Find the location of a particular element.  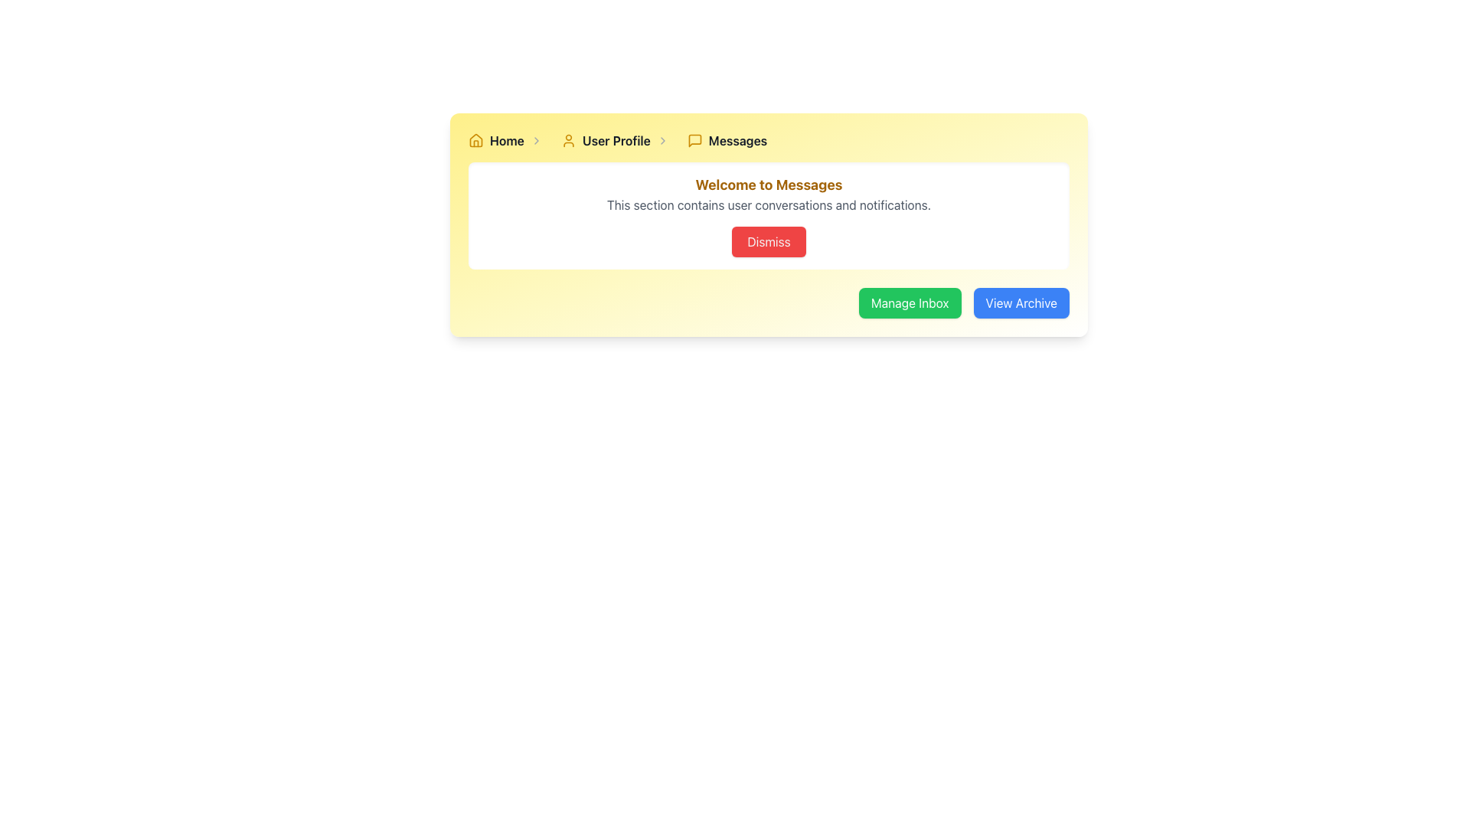

the 'User Profile' text link, which is styled with a gray font and highlighted in yellow when hovered over, located centrally within the navigation bar is located at coordinates (616, 141).